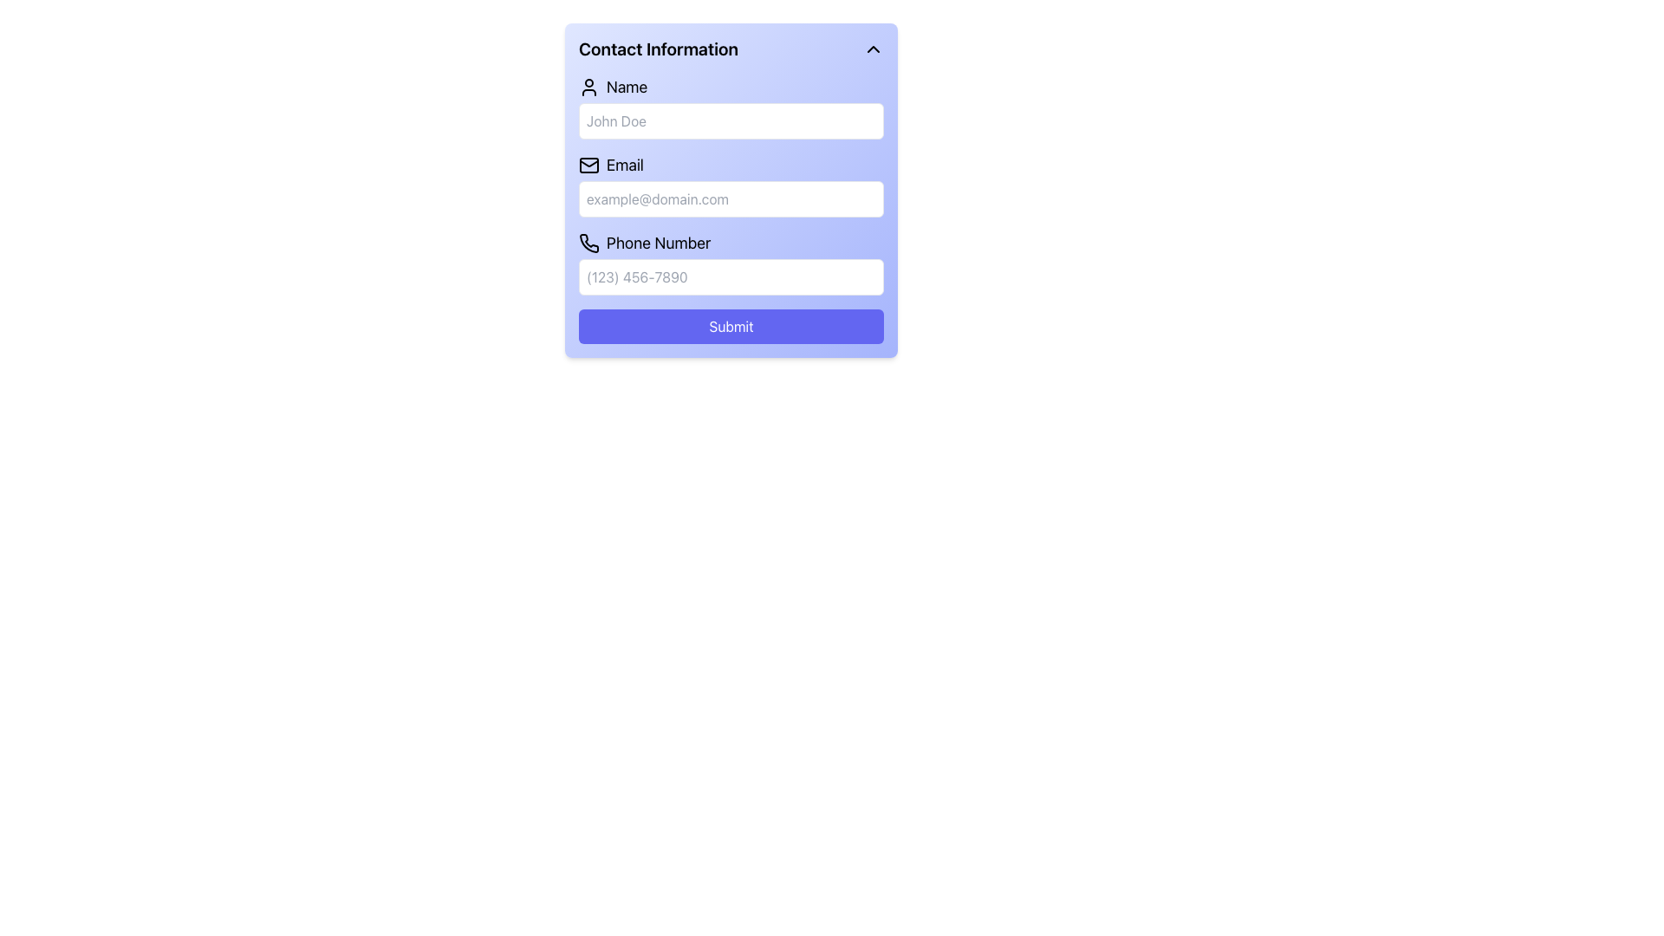 Image resolution: width=1664 pixels, height=936 pixels. I want to click on on the upward-pointing chevron icon located on the rightmost side of the 'Contact Information' header, so click(874, 49).